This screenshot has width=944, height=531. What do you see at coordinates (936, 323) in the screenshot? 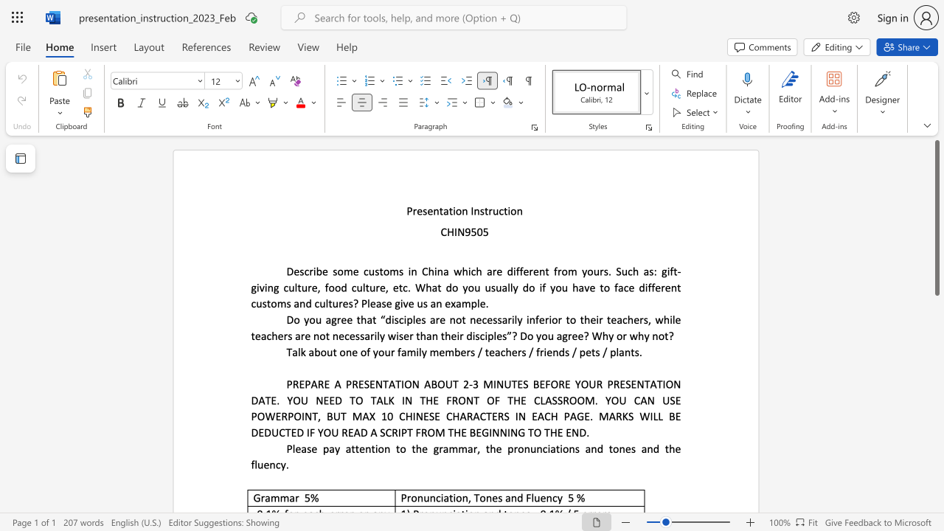
I see `the scrollbar on the right to move the page downward` at bounding box center [936, 323].